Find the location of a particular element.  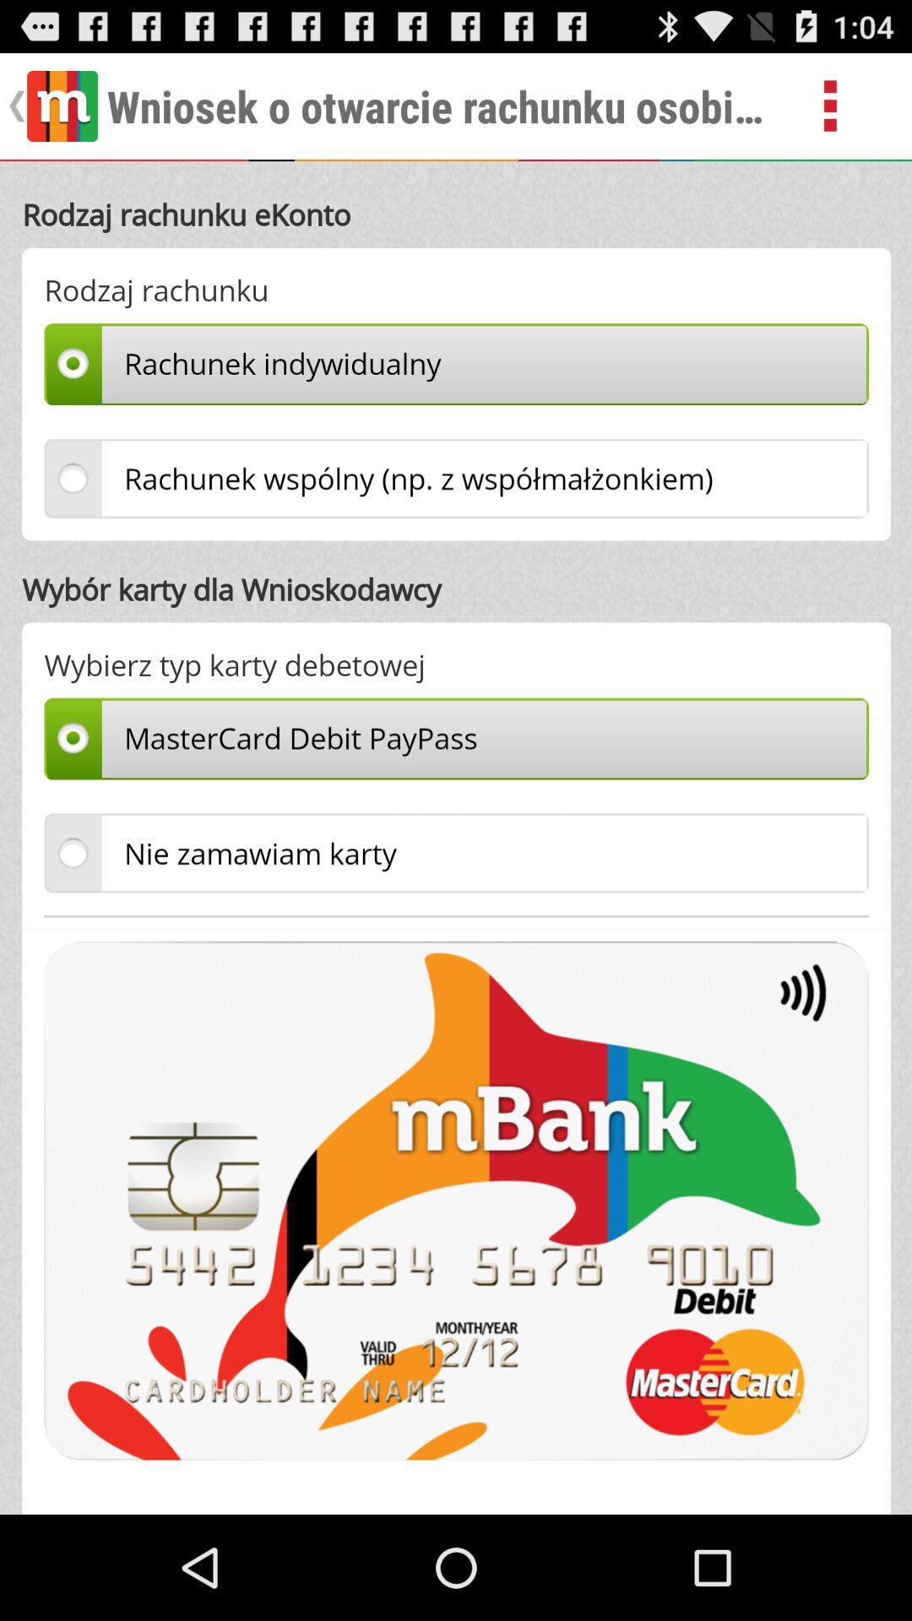

a menu is located at coordinates (850, 105).